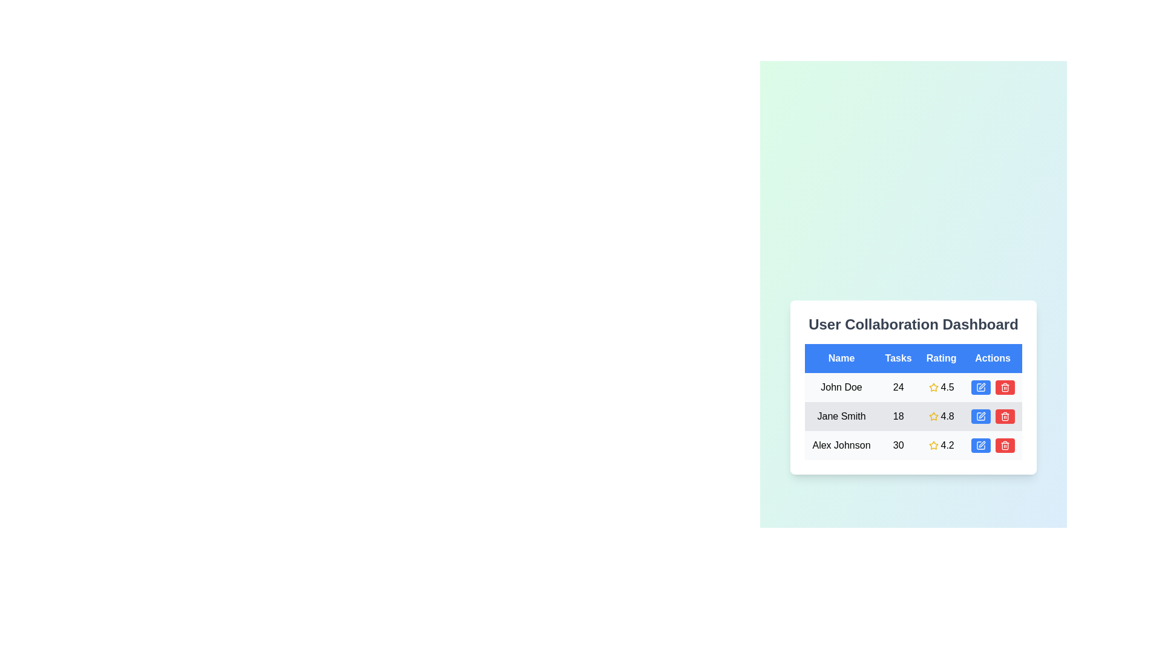 Image resolution: width=1162 pixels, height=653 pixels. Describe the element at coordinates (933, 387) in the screenshot. I see `the rating icon located in the 'Rating' column next to the numeric rating value '4.5' for 'John Doe'` at that location.